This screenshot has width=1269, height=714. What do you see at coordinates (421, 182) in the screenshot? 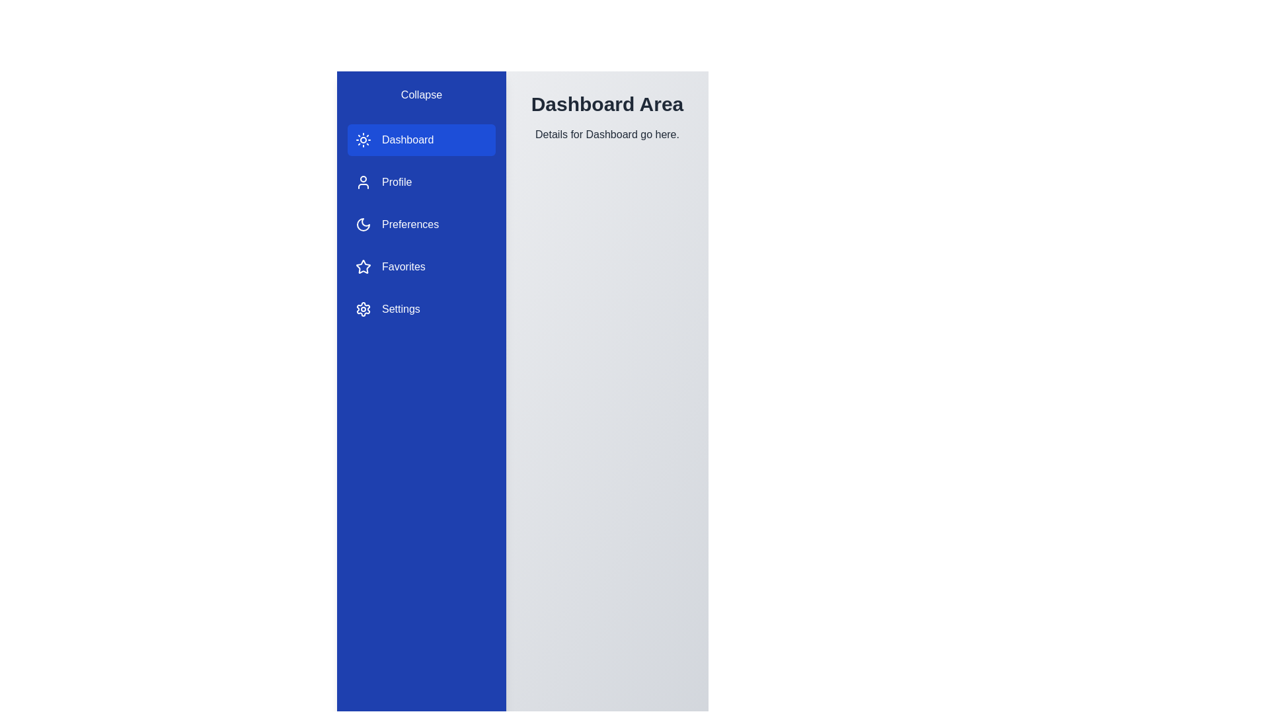
I see `the Profile section in the sidebar to navigate to it` at bounding box center [421, 182].